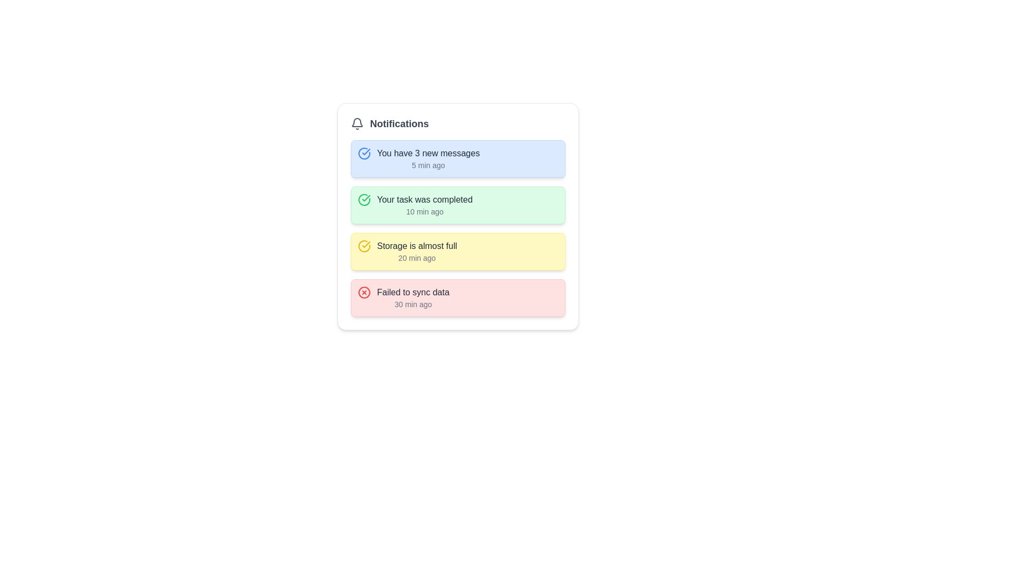 The image size is (1035, 582). I want to click on the Notification card displaying 'You have 3 new messages' with a blue background, located at the top of the notification list, so click(458, 158).